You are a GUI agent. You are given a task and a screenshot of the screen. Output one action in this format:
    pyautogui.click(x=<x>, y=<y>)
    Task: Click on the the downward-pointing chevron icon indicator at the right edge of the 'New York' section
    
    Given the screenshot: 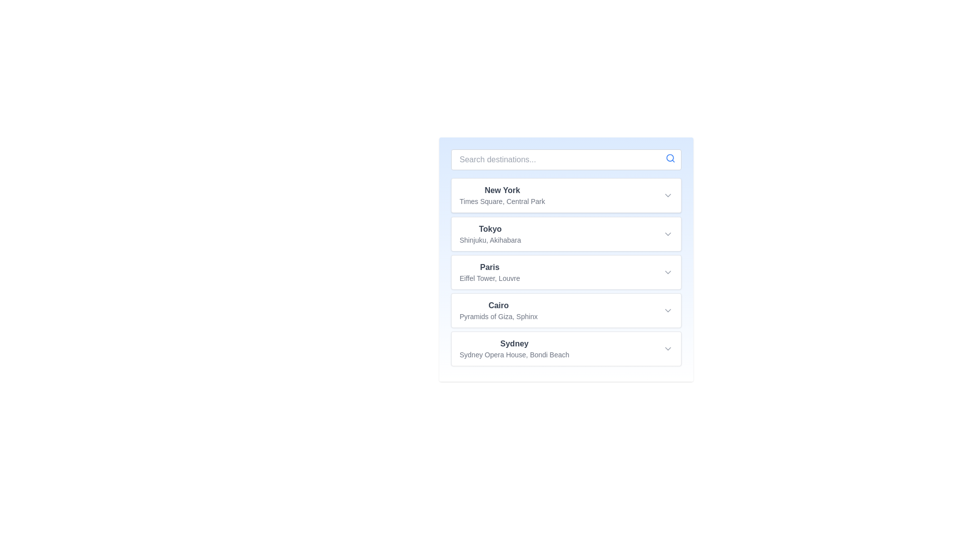 What is the action you would take?
    pyautogui.click(x=668, y=195)
    